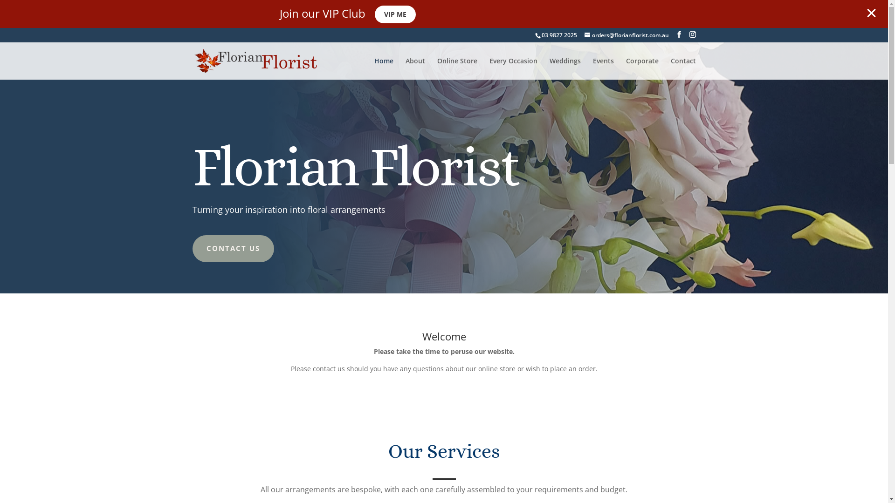 The height and width of the screenshot is (503, 895). I want to click on 'Events', so click(603, 68).